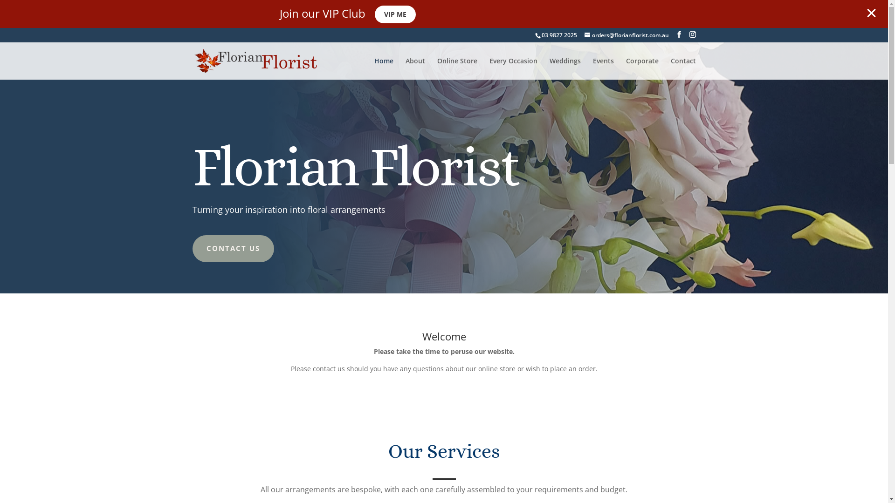 The height and width of the screenshot is (503, 895). I want to click on 'Events', so click(603, 68).